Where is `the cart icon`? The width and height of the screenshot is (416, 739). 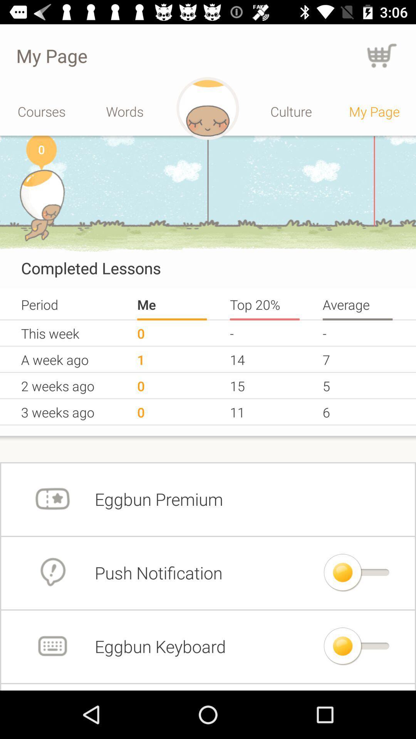
the cart icon is located at coordinates (382, 55).